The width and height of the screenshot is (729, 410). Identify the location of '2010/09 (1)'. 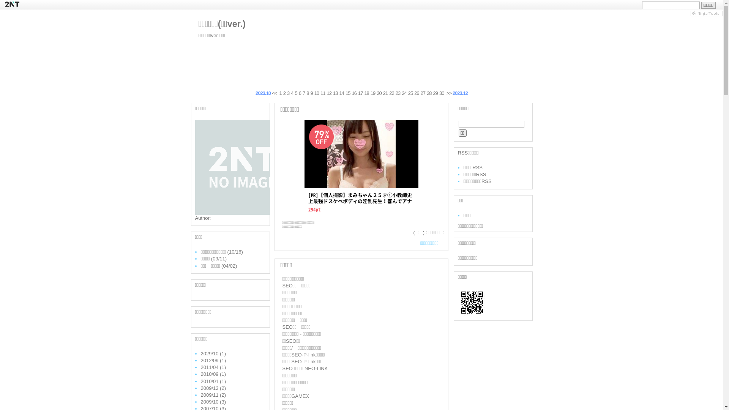
(213, 374).